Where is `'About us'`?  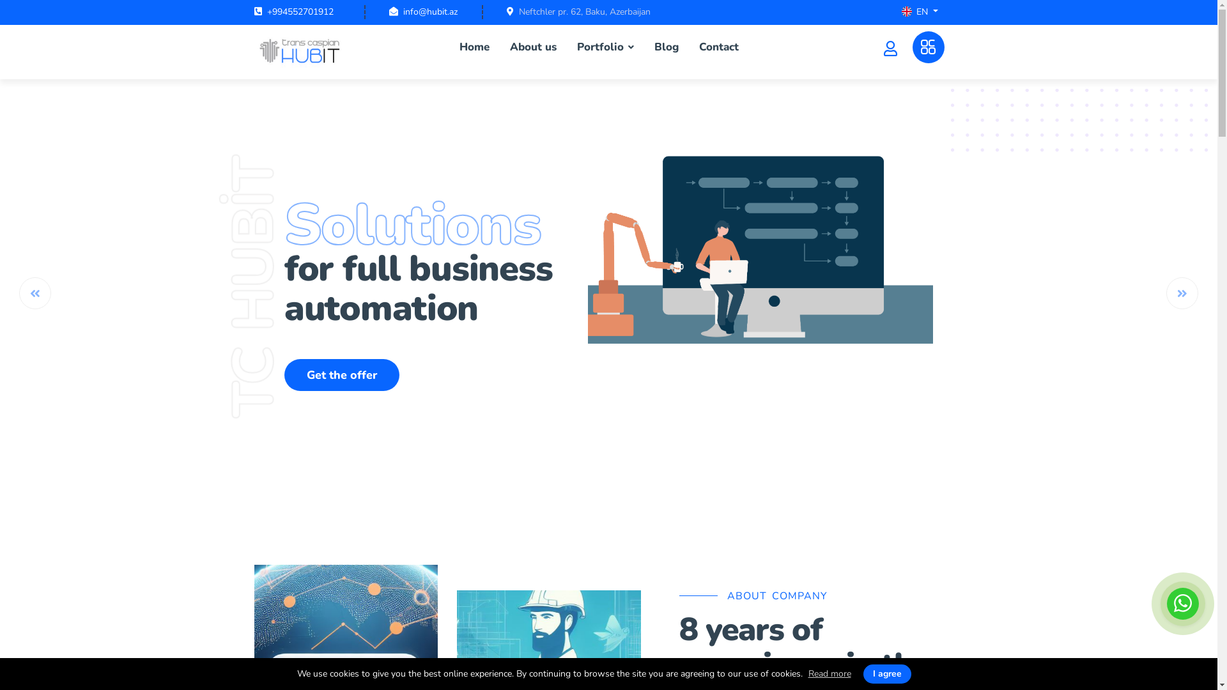 'About us' is located at coordinates (533, 46).